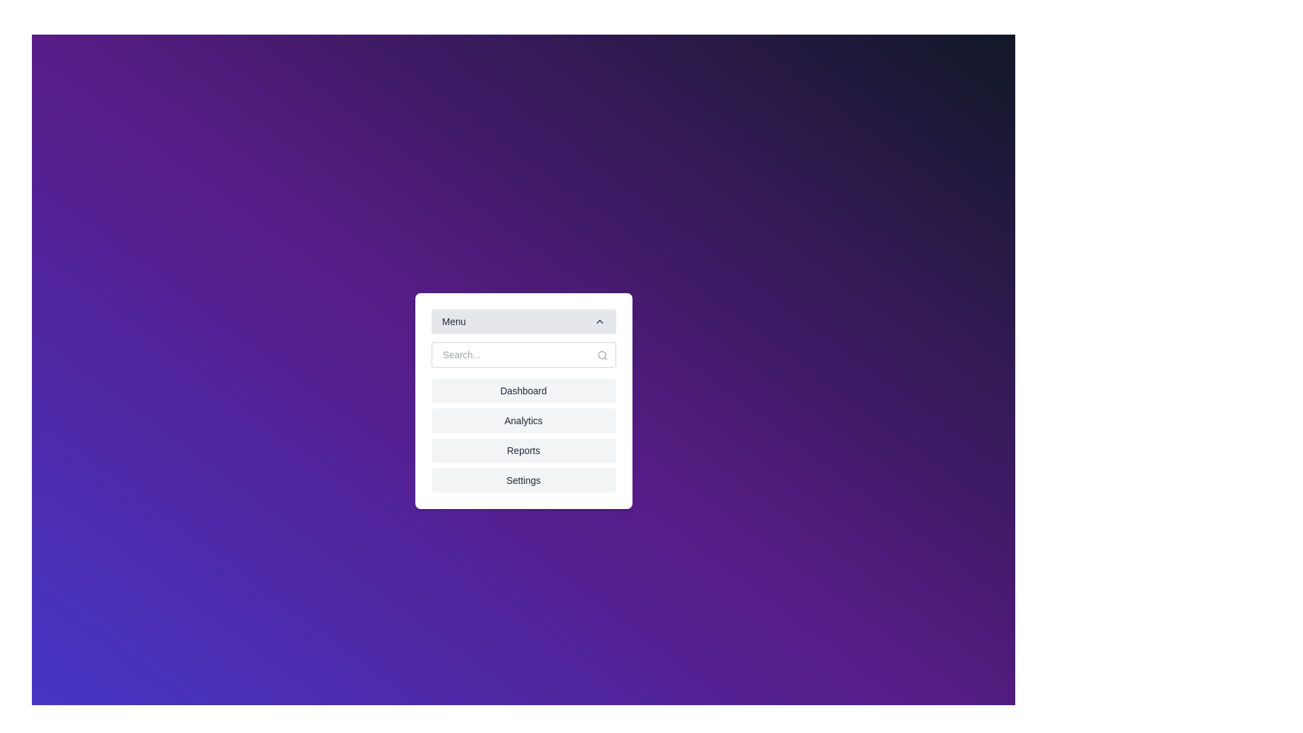  Describe the element at coordinates (523, 420) in the screenshot. I see `the Analytics menu option to select it` at that location.